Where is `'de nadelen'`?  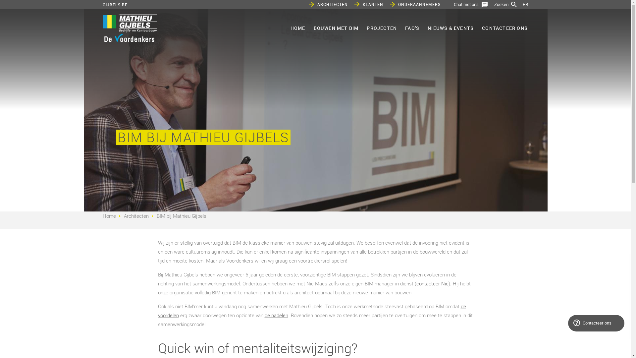 'de nadelen' is located at coordinates (276, 315).